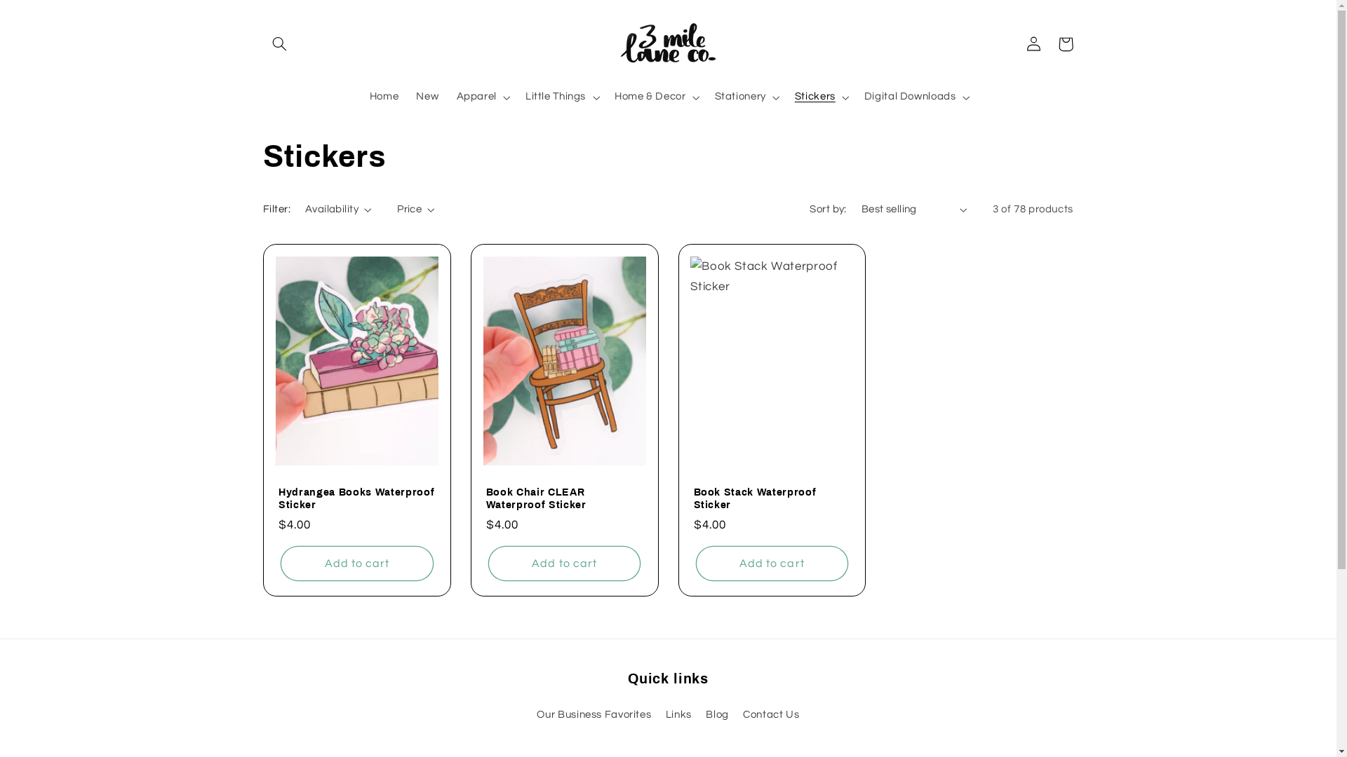  I want to click on 'Home', so click(360, 96).